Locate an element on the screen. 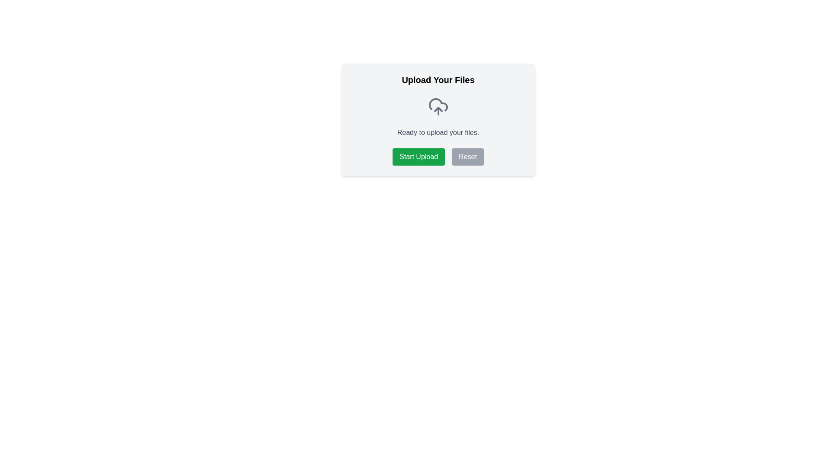 The height and width of the screenshot is (467, 831). the cloud icon that symbolizes cloud-related upload actions, which is located above the text 'Ready to upload your files' within the 'Upload Your Files' section is located at coordinates (438, 104).